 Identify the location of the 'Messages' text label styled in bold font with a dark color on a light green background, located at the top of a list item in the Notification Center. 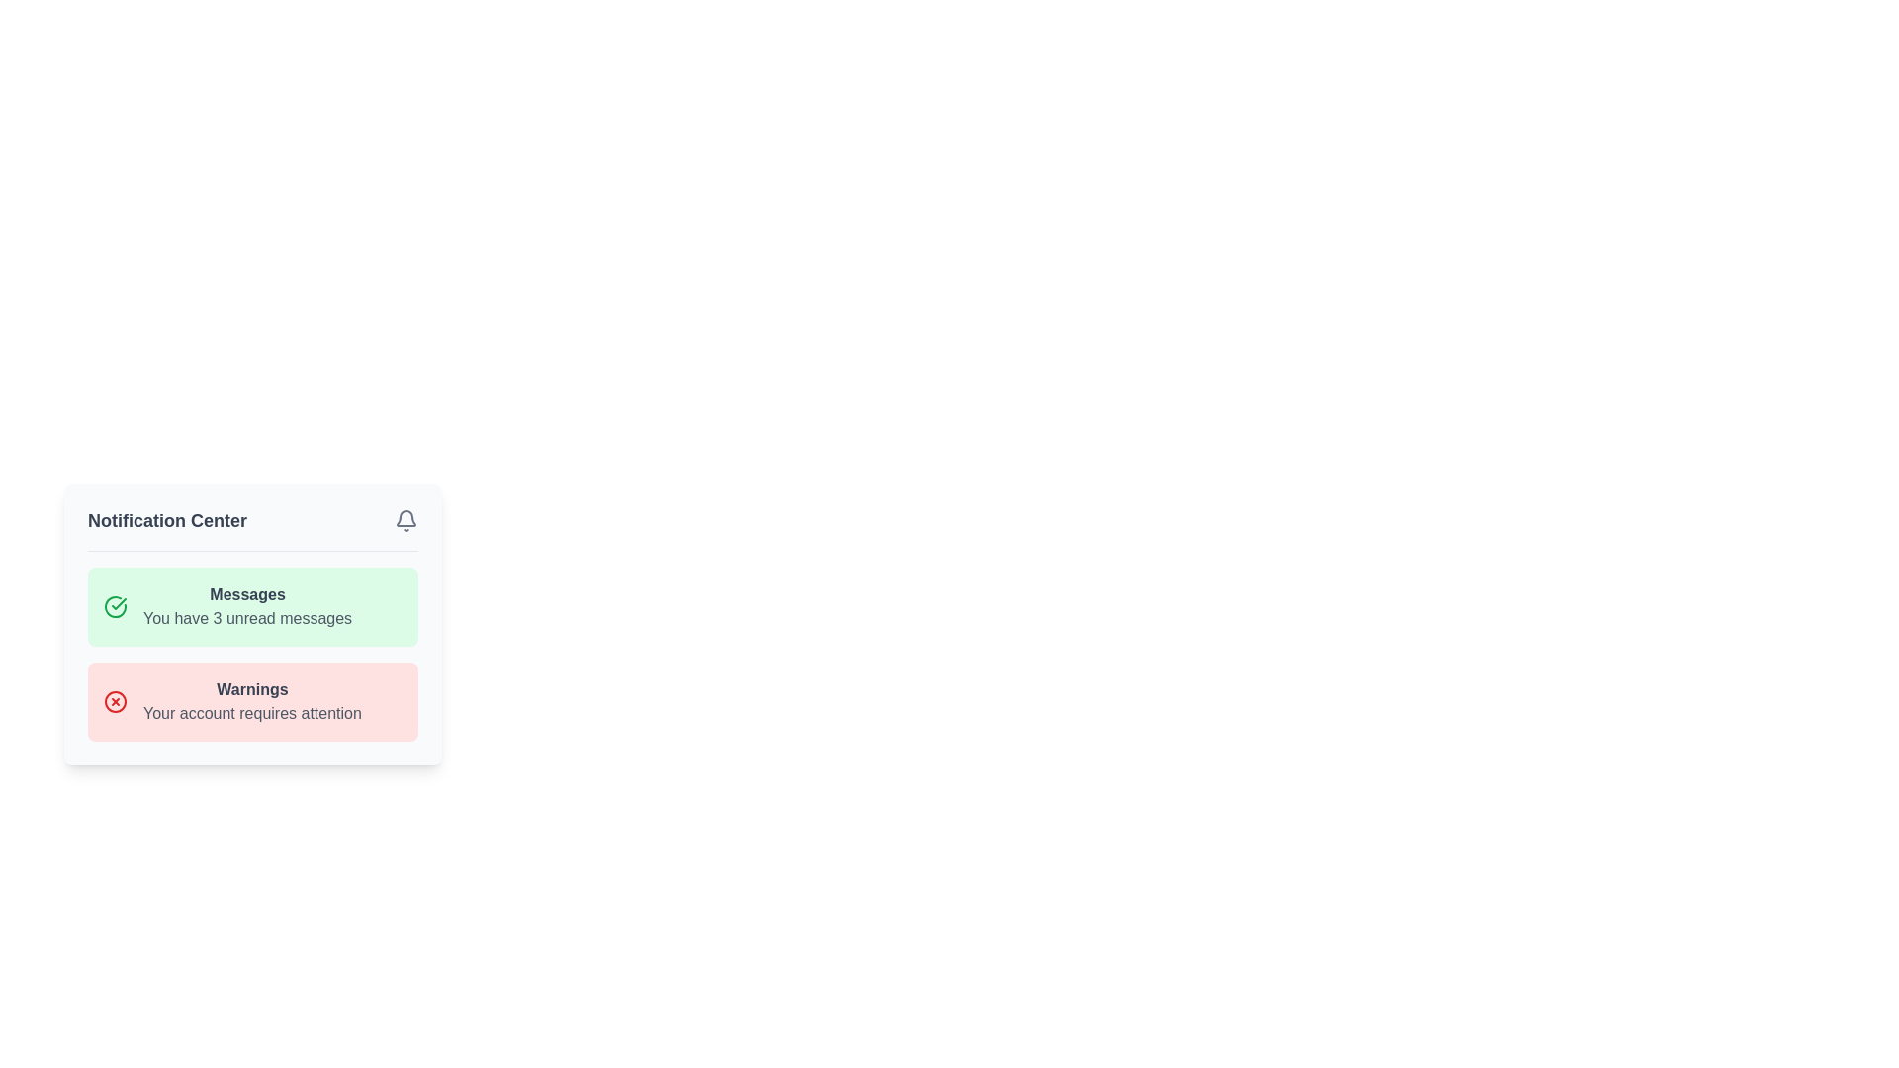
(246, 593).